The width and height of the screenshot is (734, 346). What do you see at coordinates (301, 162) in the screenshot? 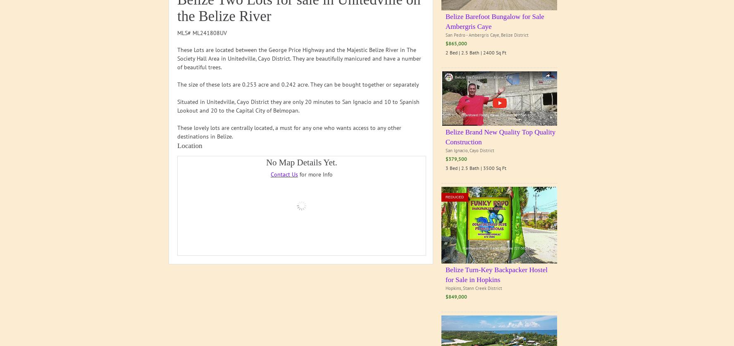
I see `'No Map Details Yet.'` at bounding box center [301, 162].